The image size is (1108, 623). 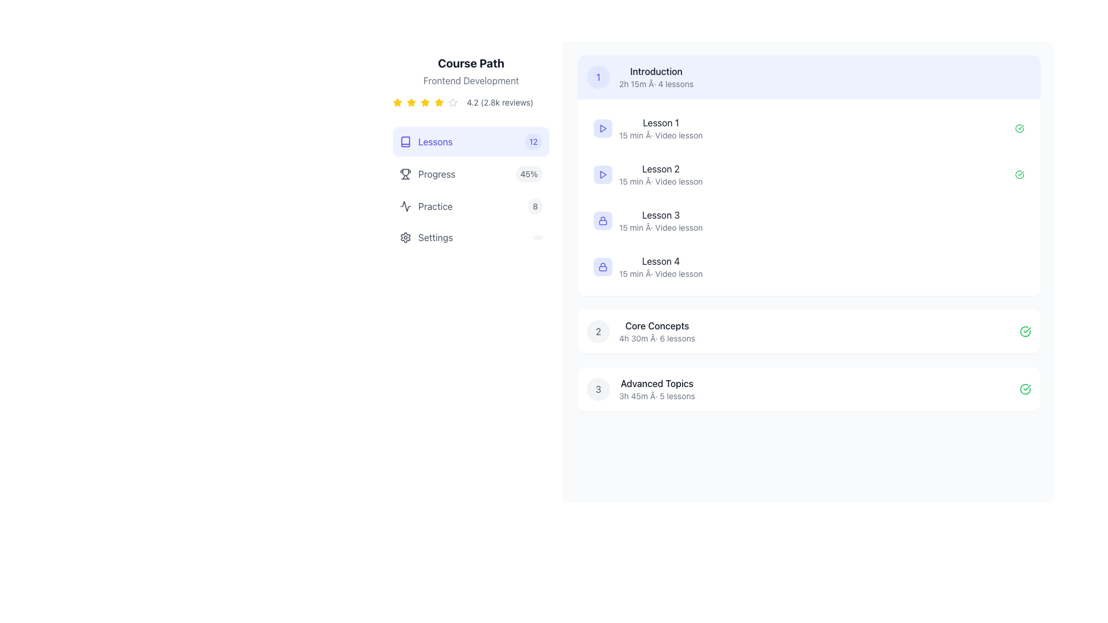 What do you see at coordinates (405, 237) in the screenshot?
I see `the cog-shaped settings icon located in the left sidebar under the icons labeled 'Lessons', 'Progress', and 'Practice'` at bounding box center [405, 237].